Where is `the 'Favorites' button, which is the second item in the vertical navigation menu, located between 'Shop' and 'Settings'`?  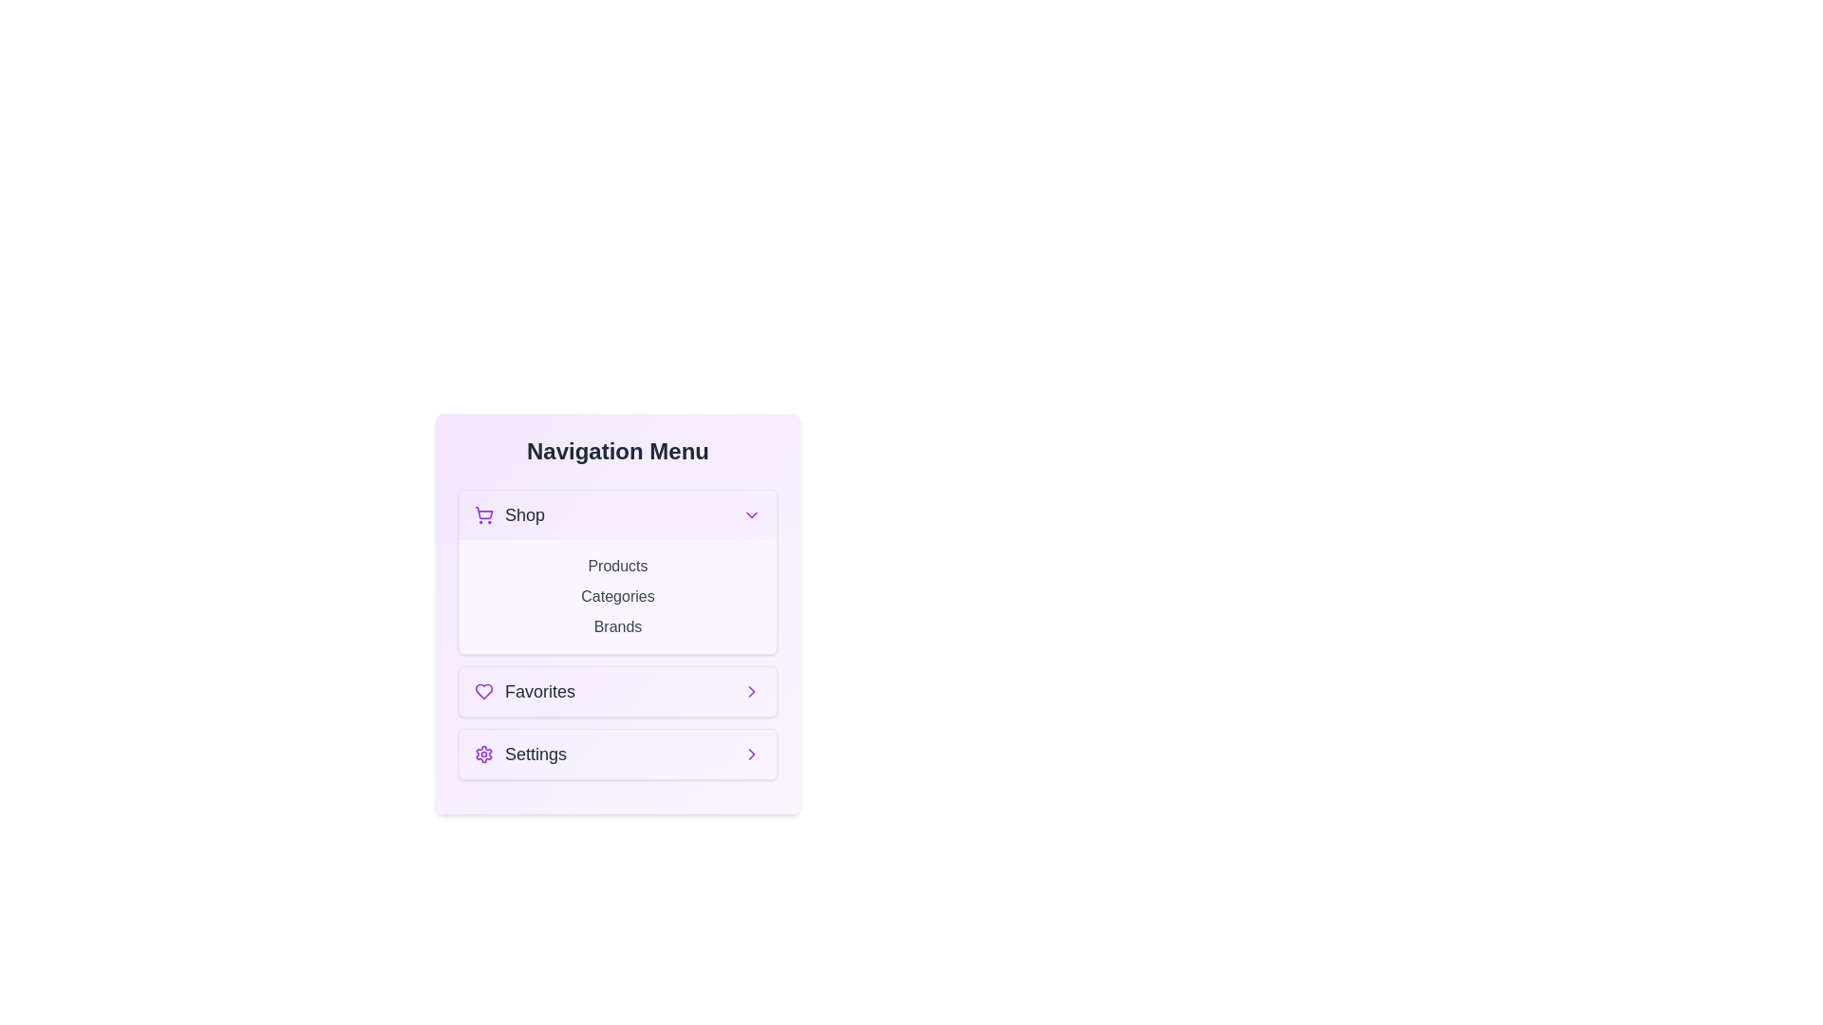 the 'Favorites' button, which is the second item in the vertical navigation menu, located between 'Shop' and 'Settings' is located at coordinates (618, 692).